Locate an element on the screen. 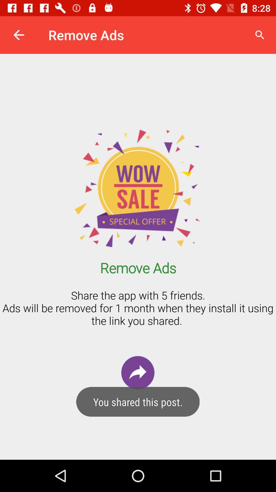  the redo icon is located at coordinates (137, 373).